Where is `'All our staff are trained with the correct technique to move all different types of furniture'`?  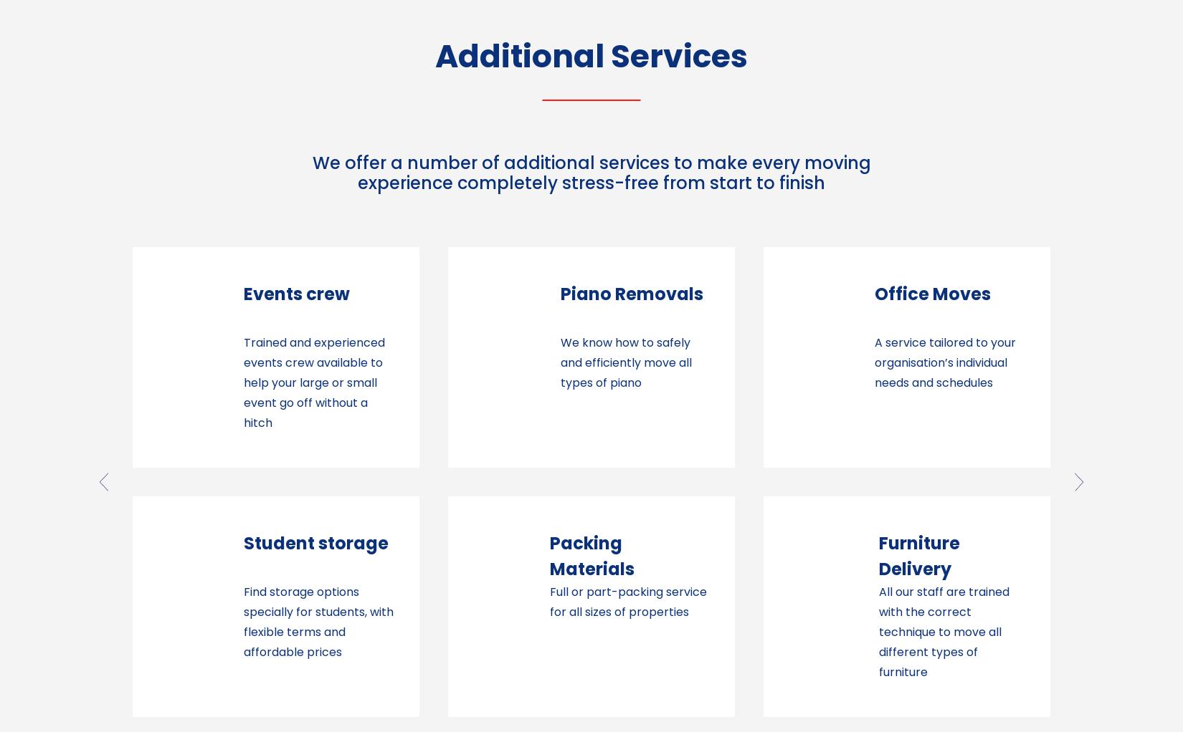 'All our staff are trained with the correct technique to move all different types of furniture' is located at coordinates (628, 630).